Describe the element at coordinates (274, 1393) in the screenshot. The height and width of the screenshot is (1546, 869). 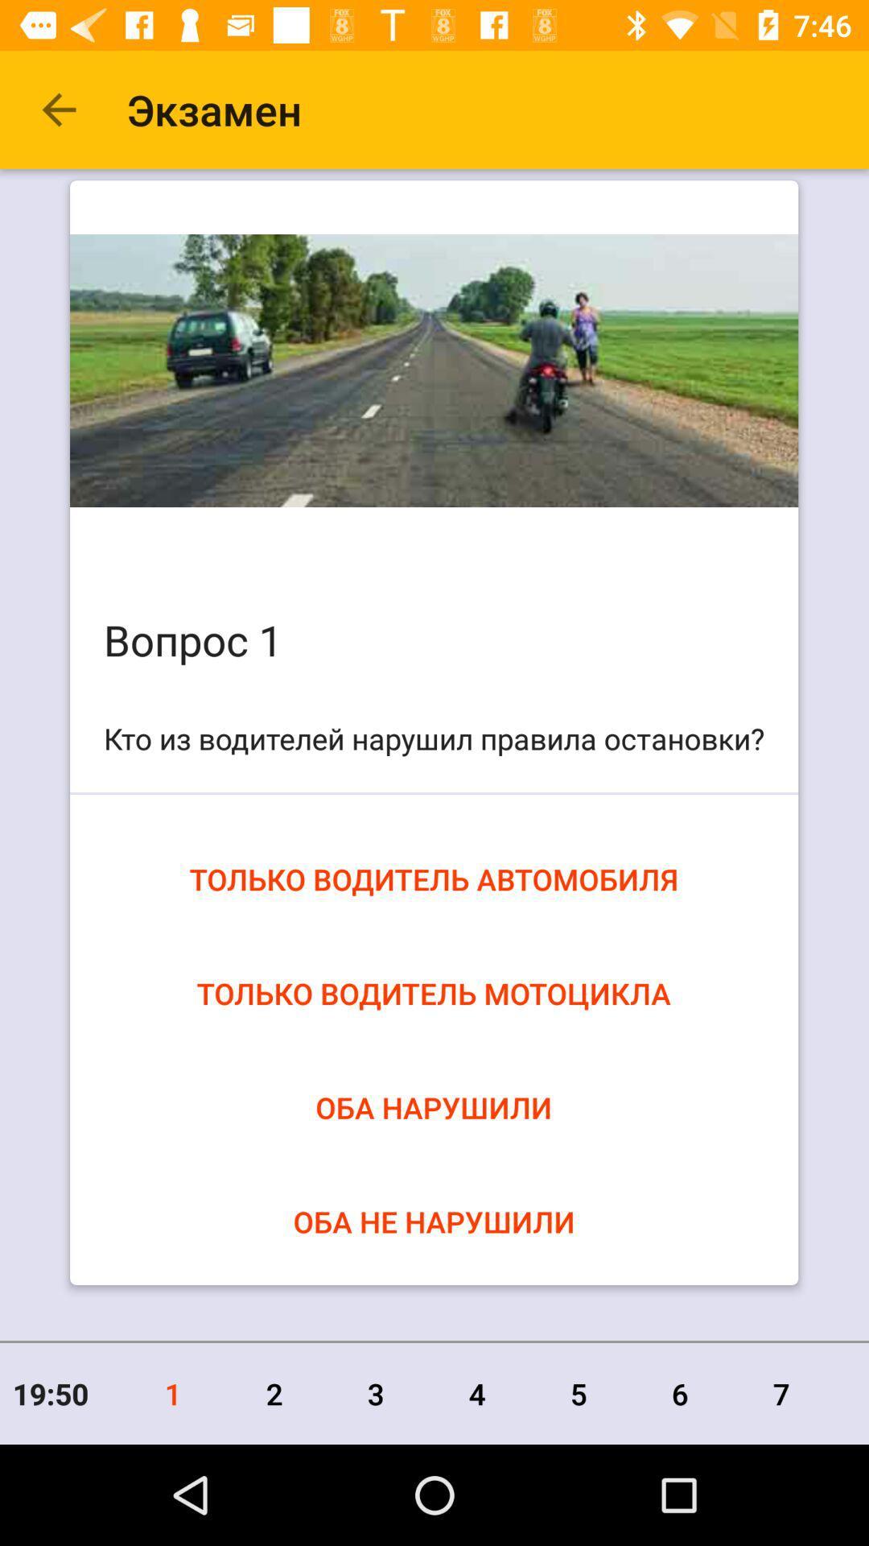
I see `the item next to 3 icon` at that location.